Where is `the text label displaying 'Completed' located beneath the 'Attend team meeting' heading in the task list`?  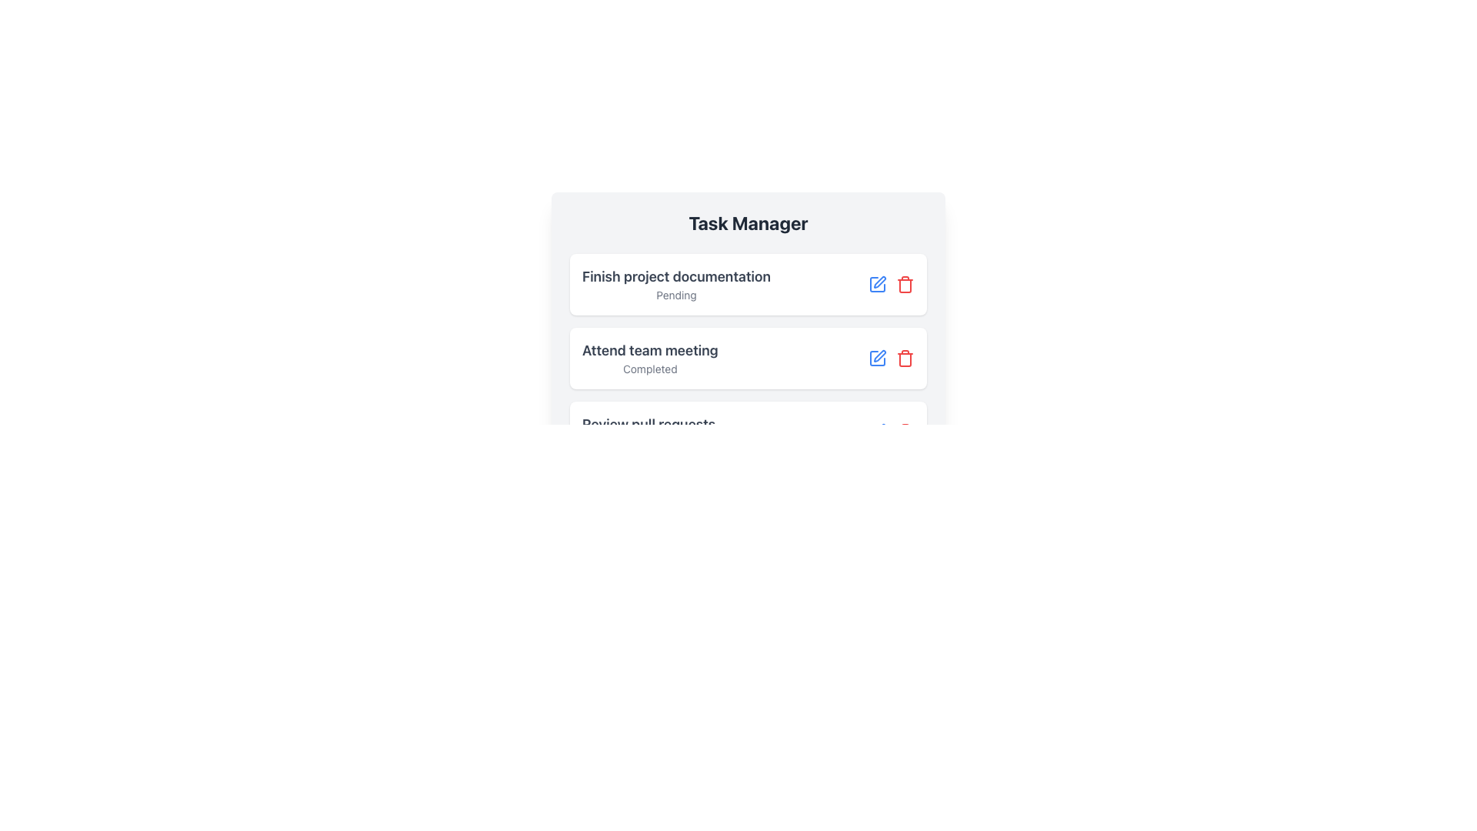
the text label displaying 'Completed' located beneath the 'Attend team meeting' heading in the task list is located at coordinates (650, 369).